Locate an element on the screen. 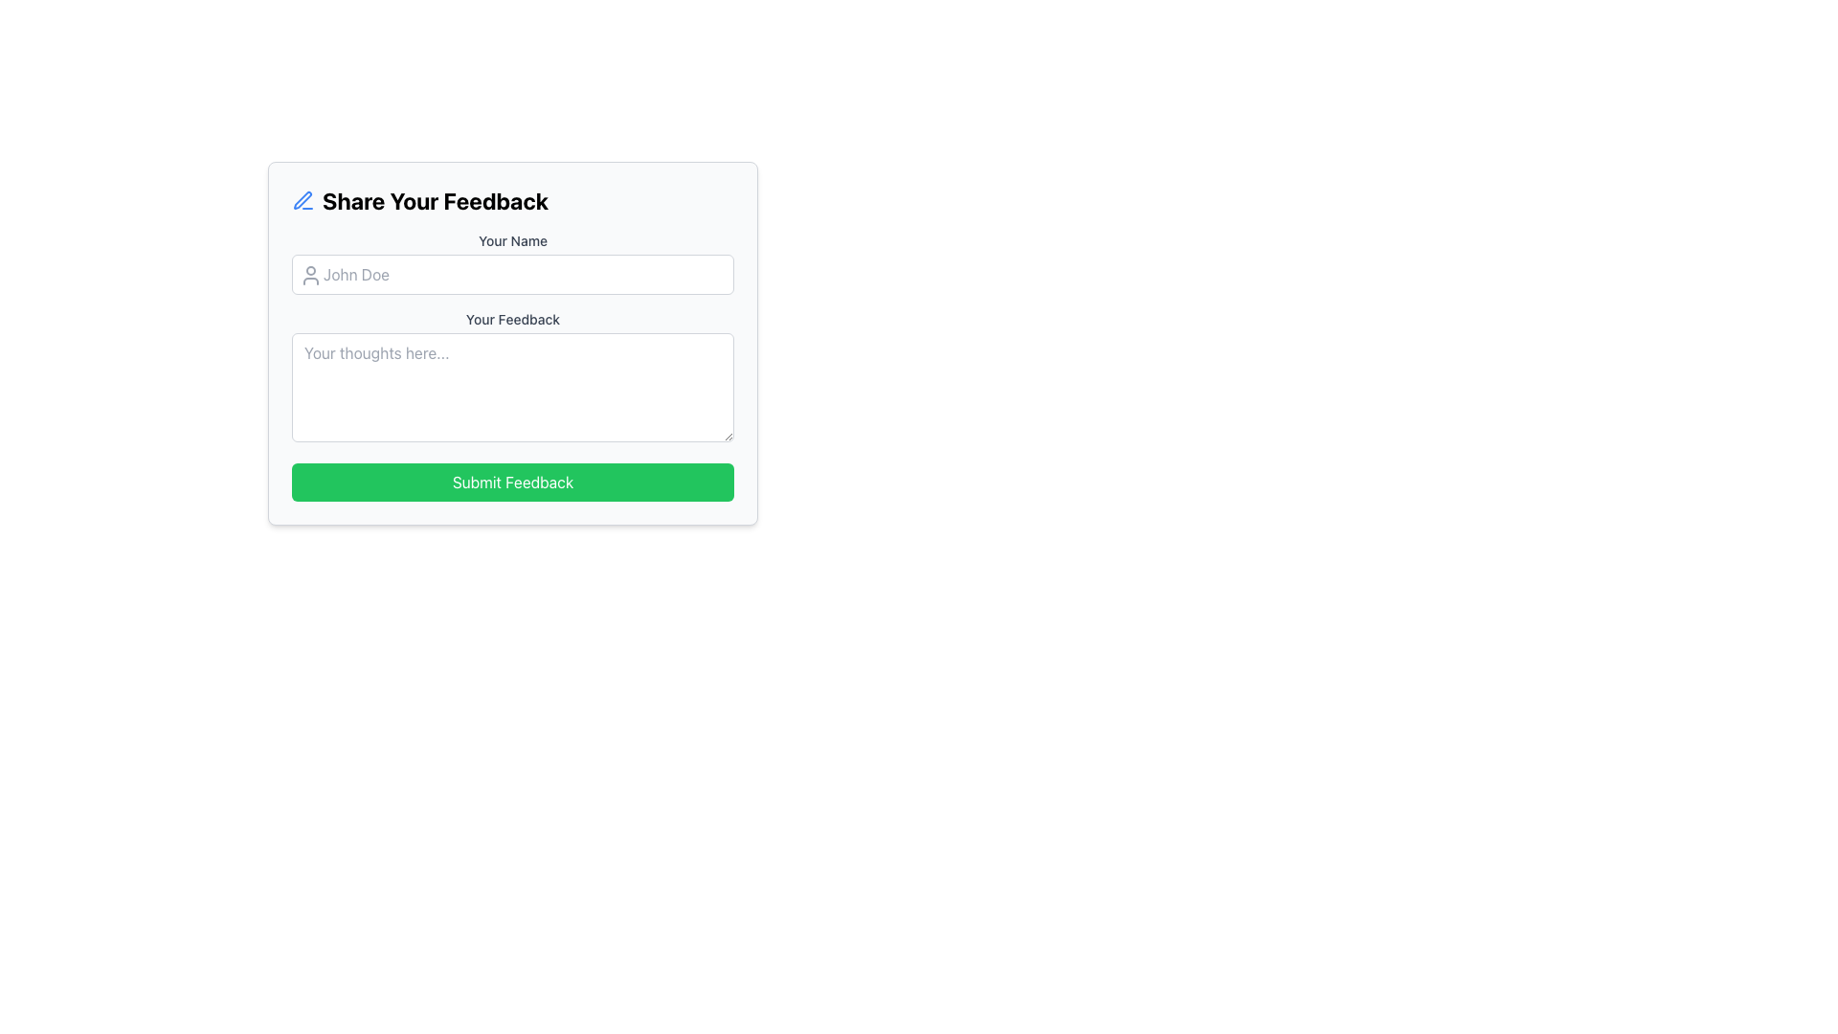 The image size is (1838, 1034). the feedback submission button located below the 'Your Feedback' text input area is located at coordinates (513, 482).